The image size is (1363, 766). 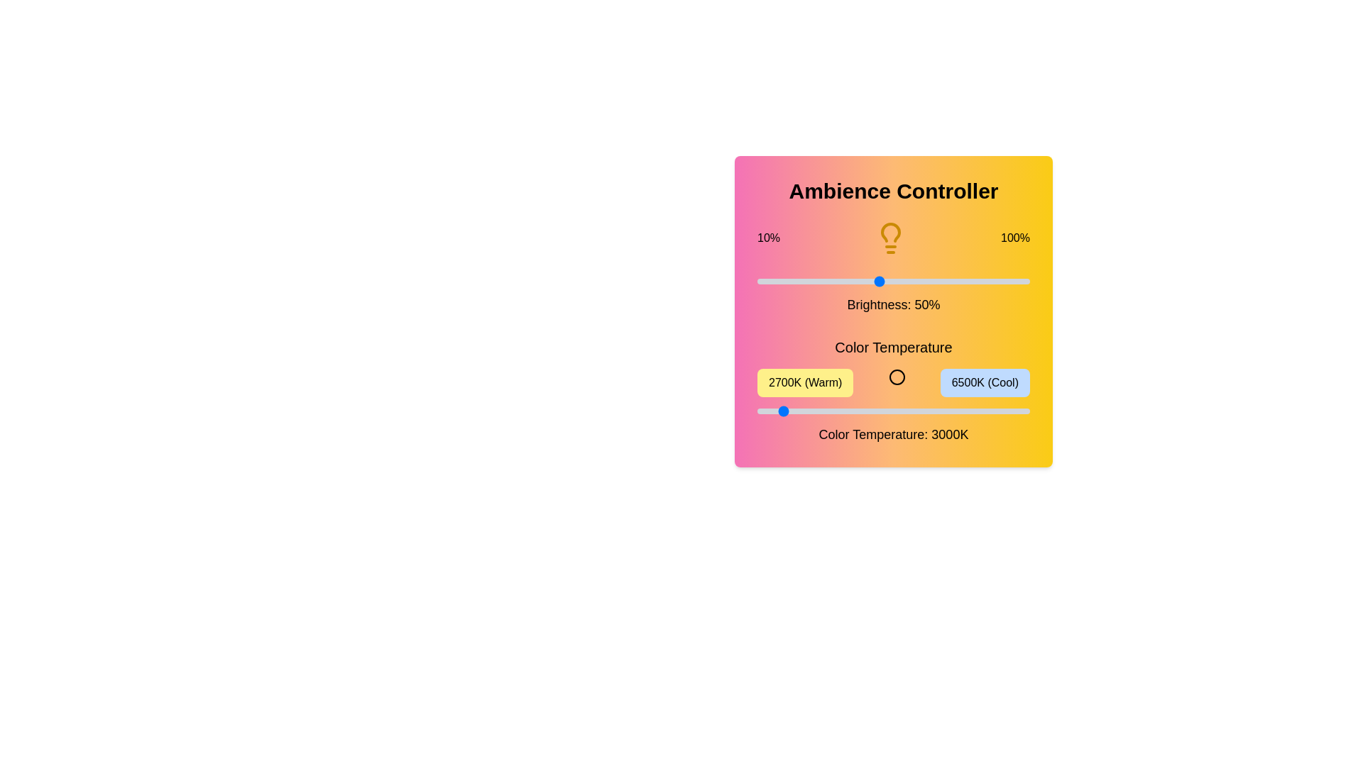 I want to click on the color temperature slider to 6450 K, so click(x=1026, y=411).